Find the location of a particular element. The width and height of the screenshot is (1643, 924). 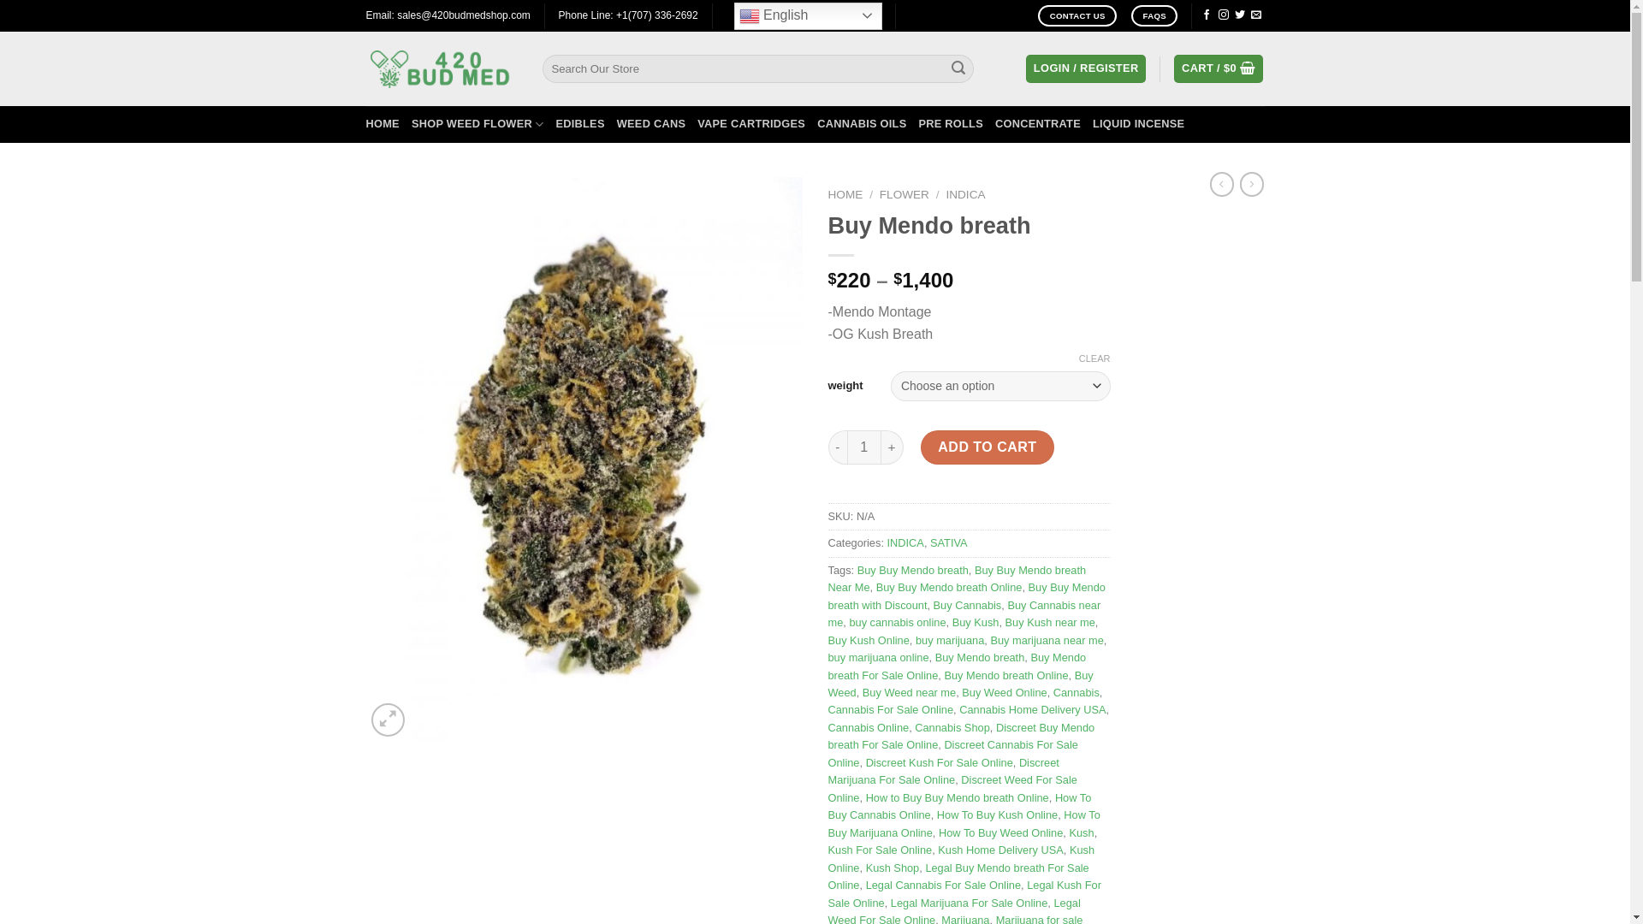

'Cannabis Home Delivery USA' is located at coordinates (1031, 709).